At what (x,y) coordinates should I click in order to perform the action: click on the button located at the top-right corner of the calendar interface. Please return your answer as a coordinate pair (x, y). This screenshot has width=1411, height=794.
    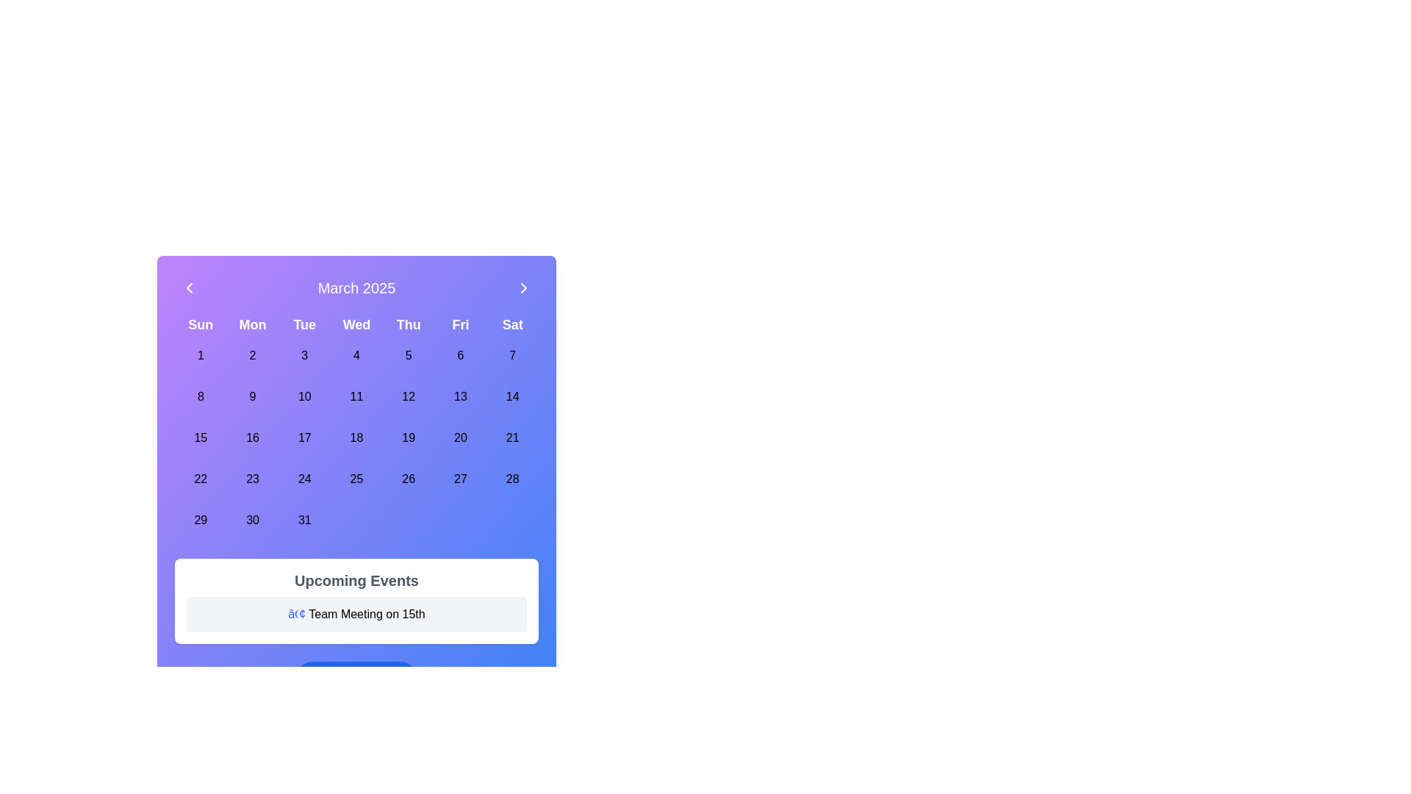
    Looking at the image, I should click on (524, 288).